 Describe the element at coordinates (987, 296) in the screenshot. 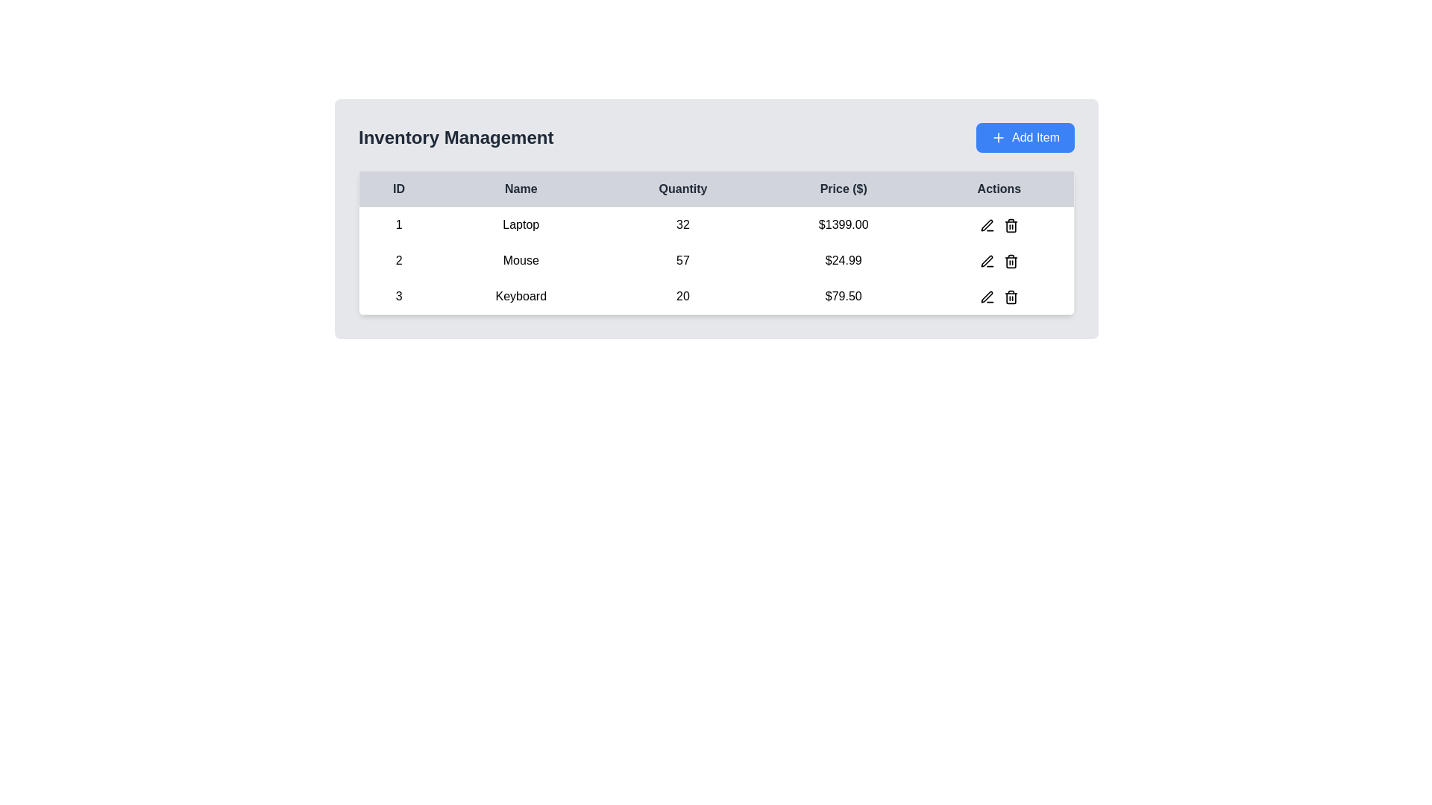

I see `the icon button that resembles a pen or pencil, located in the first interactive position of the 'Actions' column in the third table row` at that location.